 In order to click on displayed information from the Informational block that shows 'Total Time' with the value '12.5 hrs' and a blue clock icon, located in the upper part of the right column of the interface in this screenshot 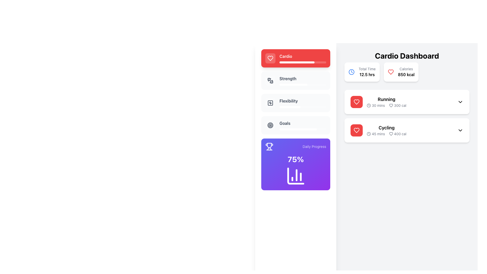, I will do `click(362, 72)`.